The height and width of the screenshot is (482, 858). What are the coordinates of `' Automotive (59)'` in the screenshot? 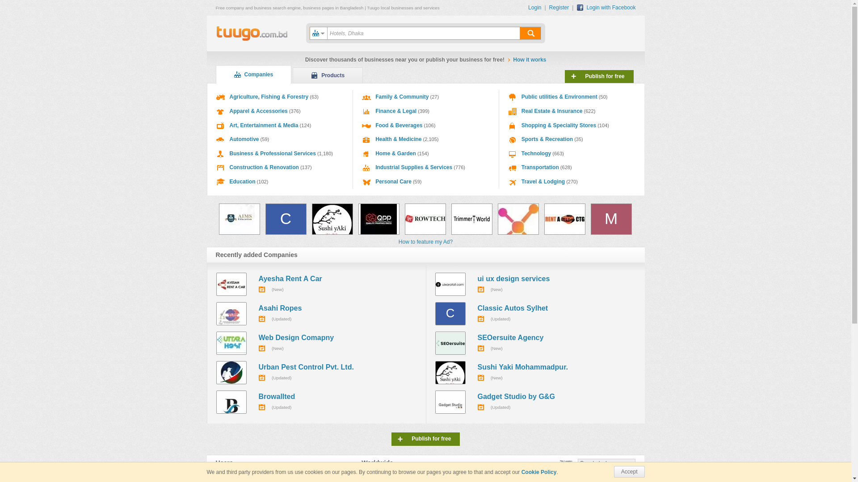 It's located at (280, 139).